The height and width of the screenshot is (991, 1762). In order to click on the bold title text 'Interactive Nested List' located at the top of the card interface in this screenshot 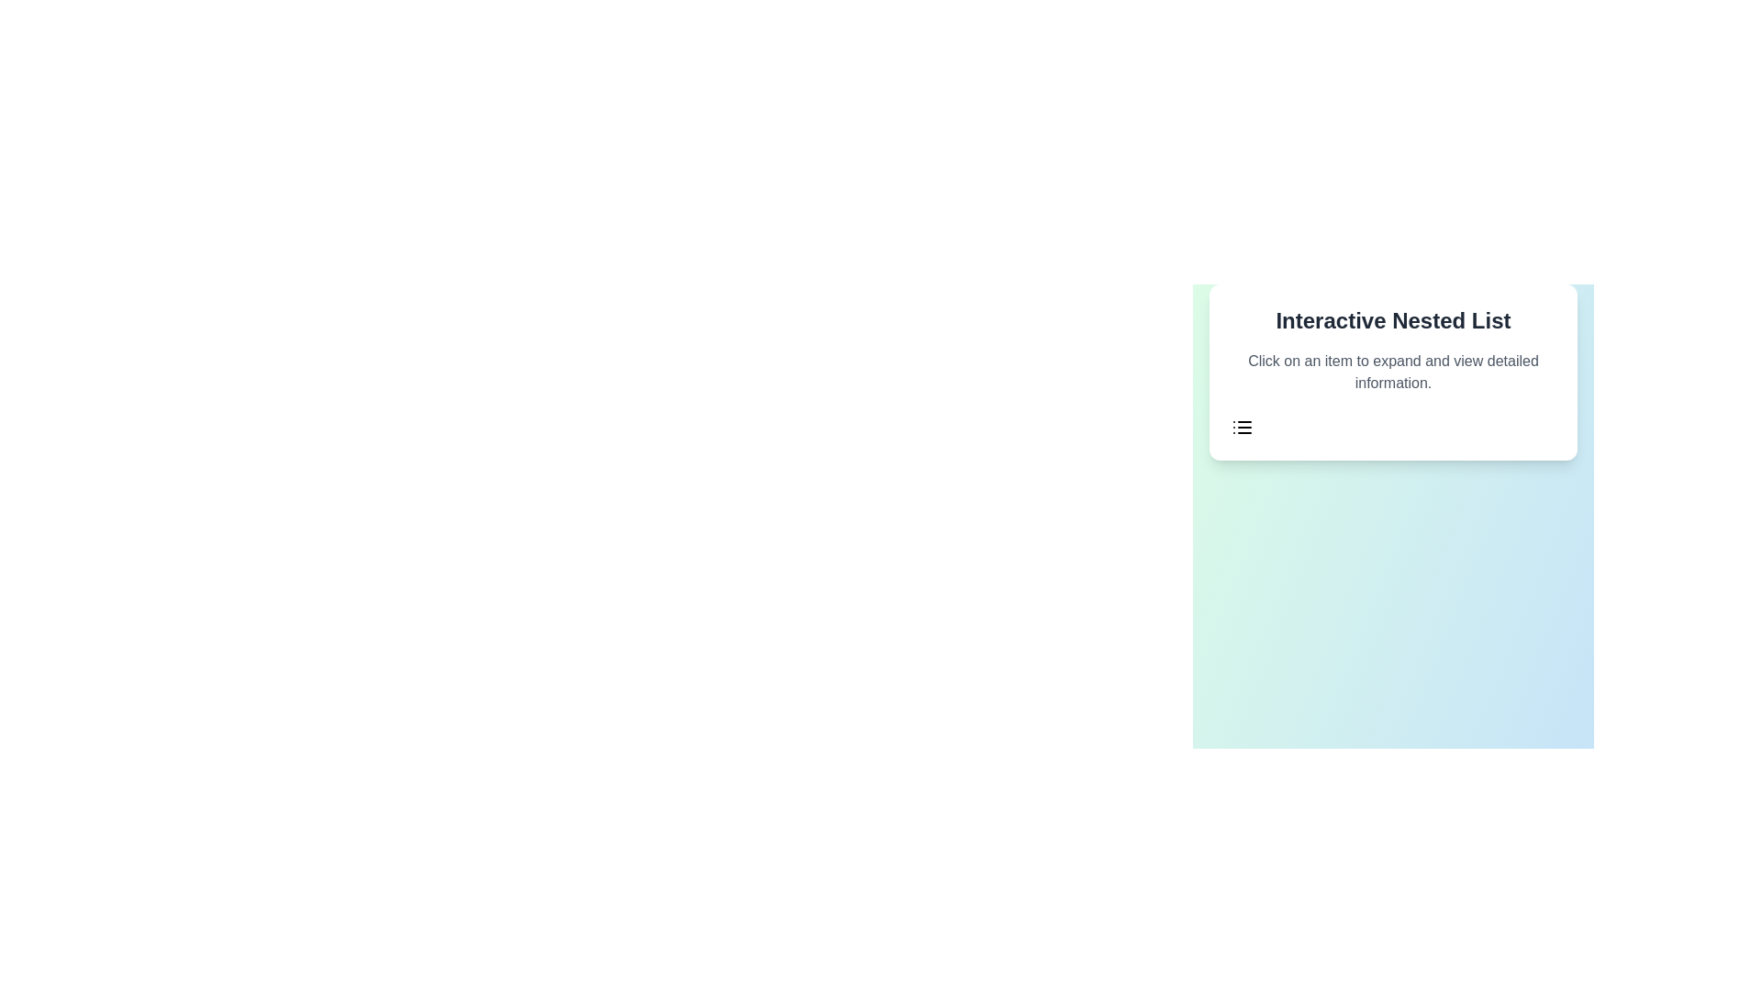, I will do `click(1393, 320)`.